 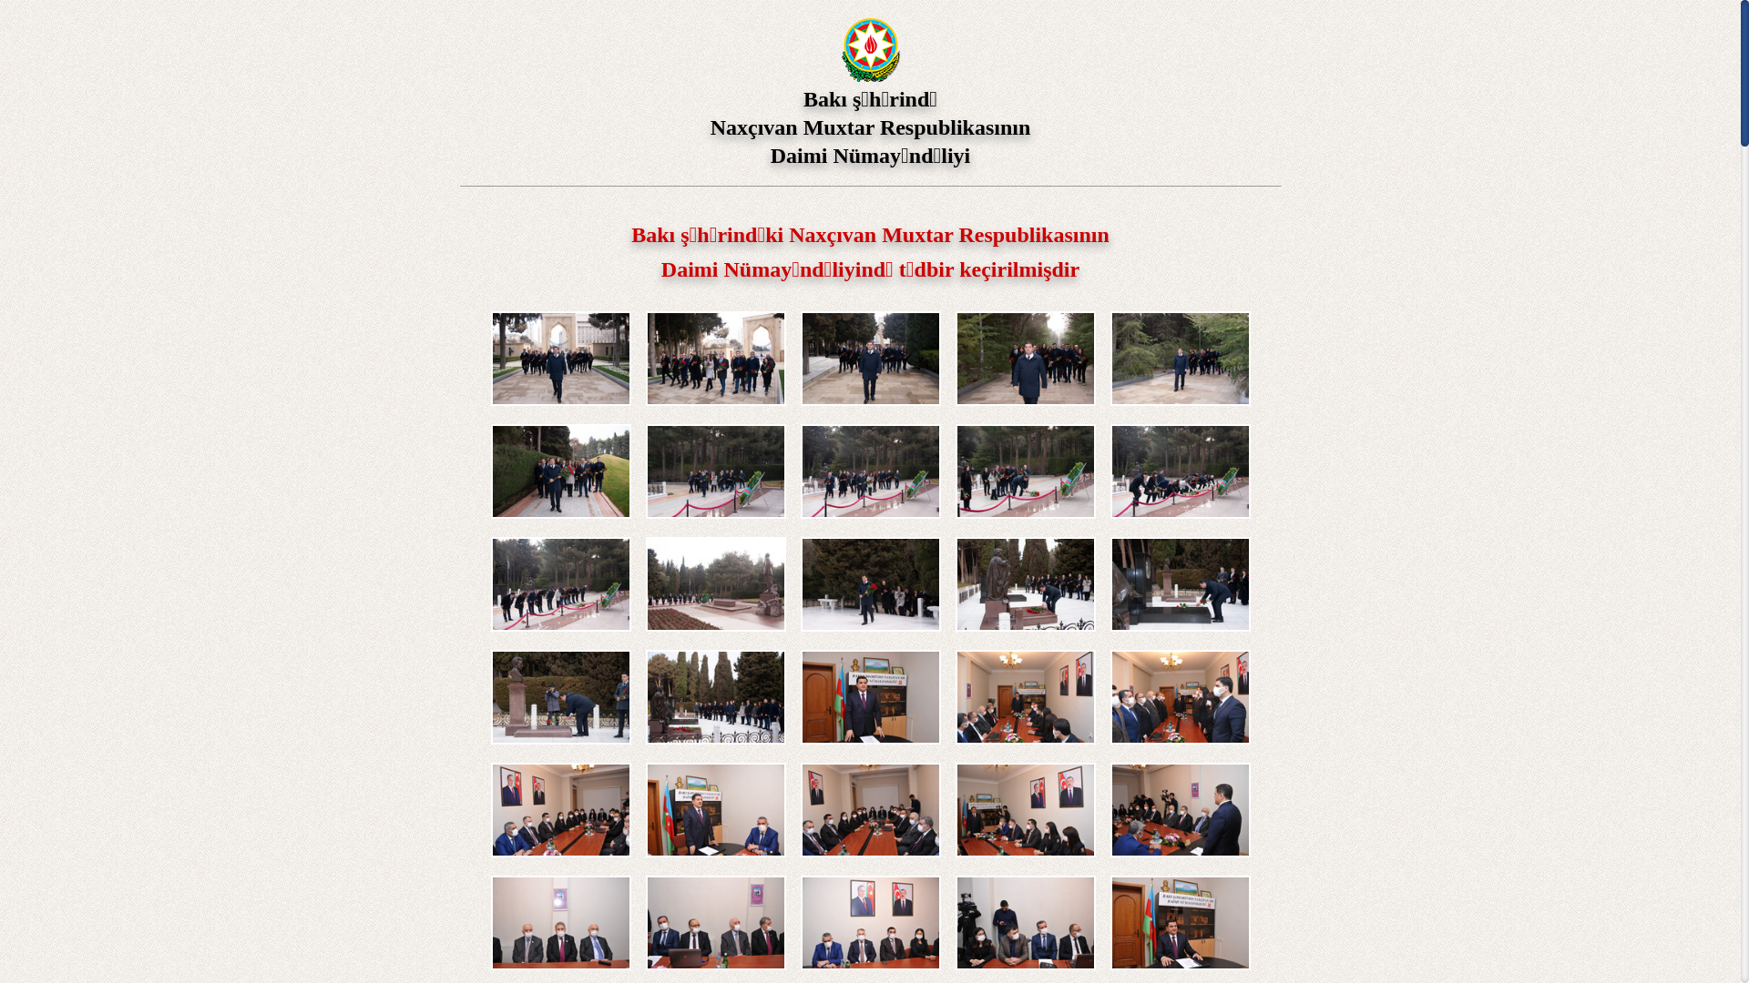 I want to click on 'Click to enlarge', so click(x=1024, y=358).